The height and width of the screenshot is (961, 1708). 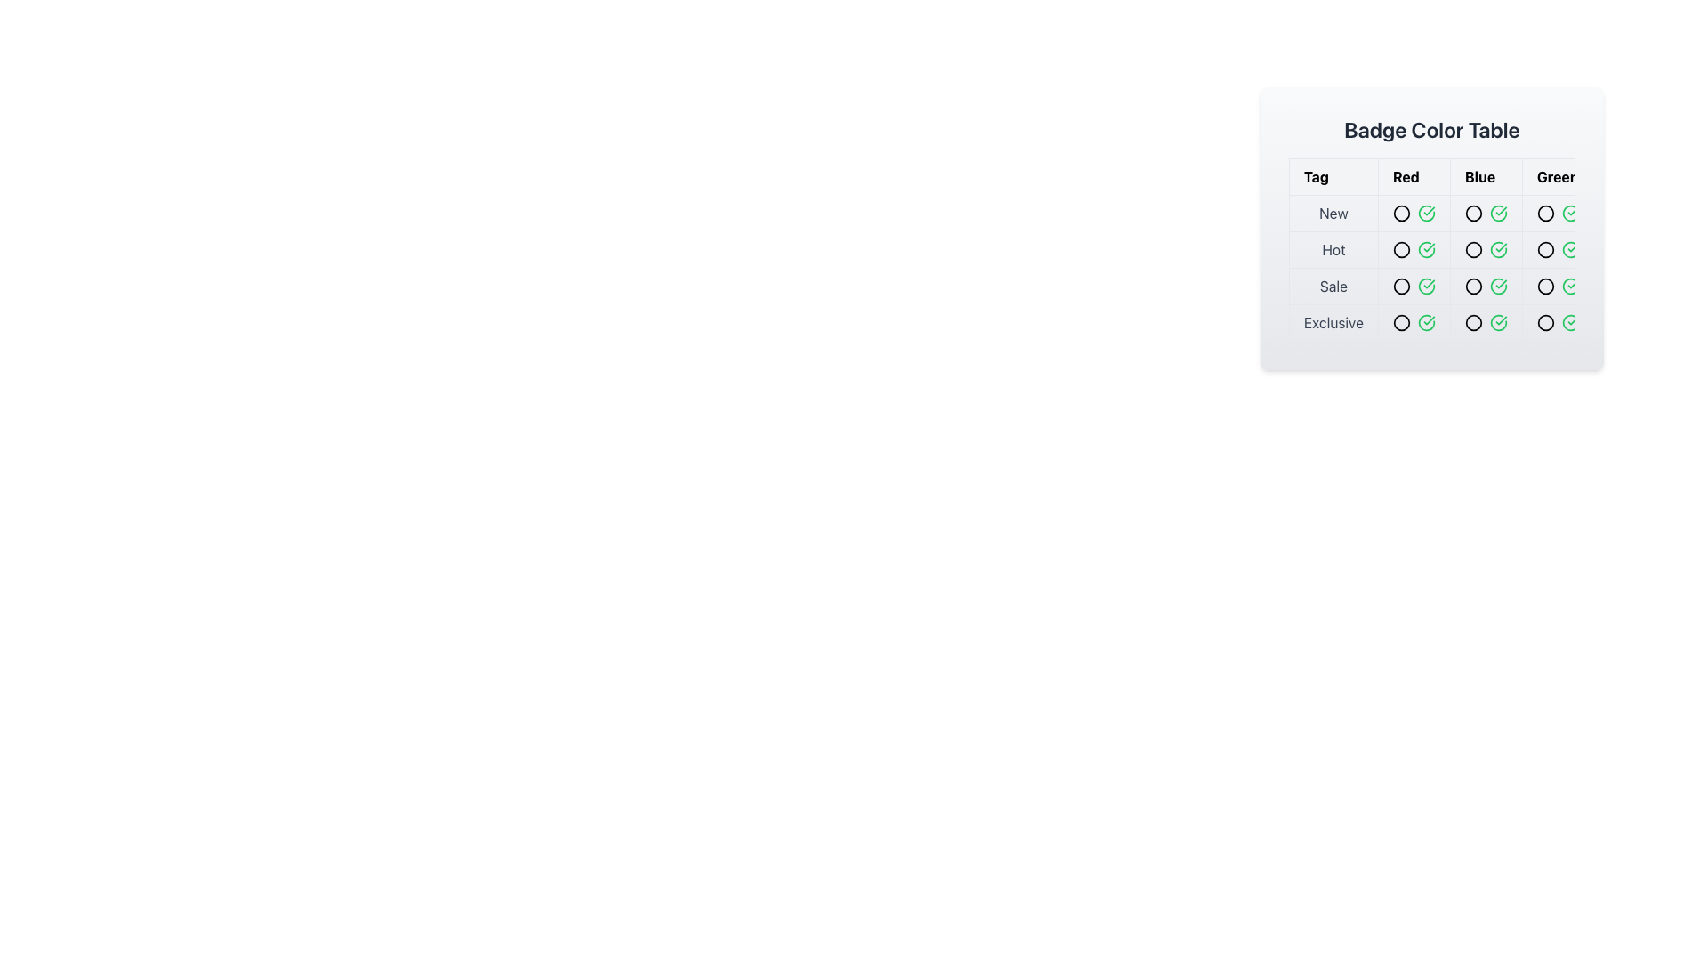 I want to click on the circular icon with a stroke outline located in the 'Blue' column of the 'New' row in the 'Badge Color Table.', so click(x=1473, y=212).